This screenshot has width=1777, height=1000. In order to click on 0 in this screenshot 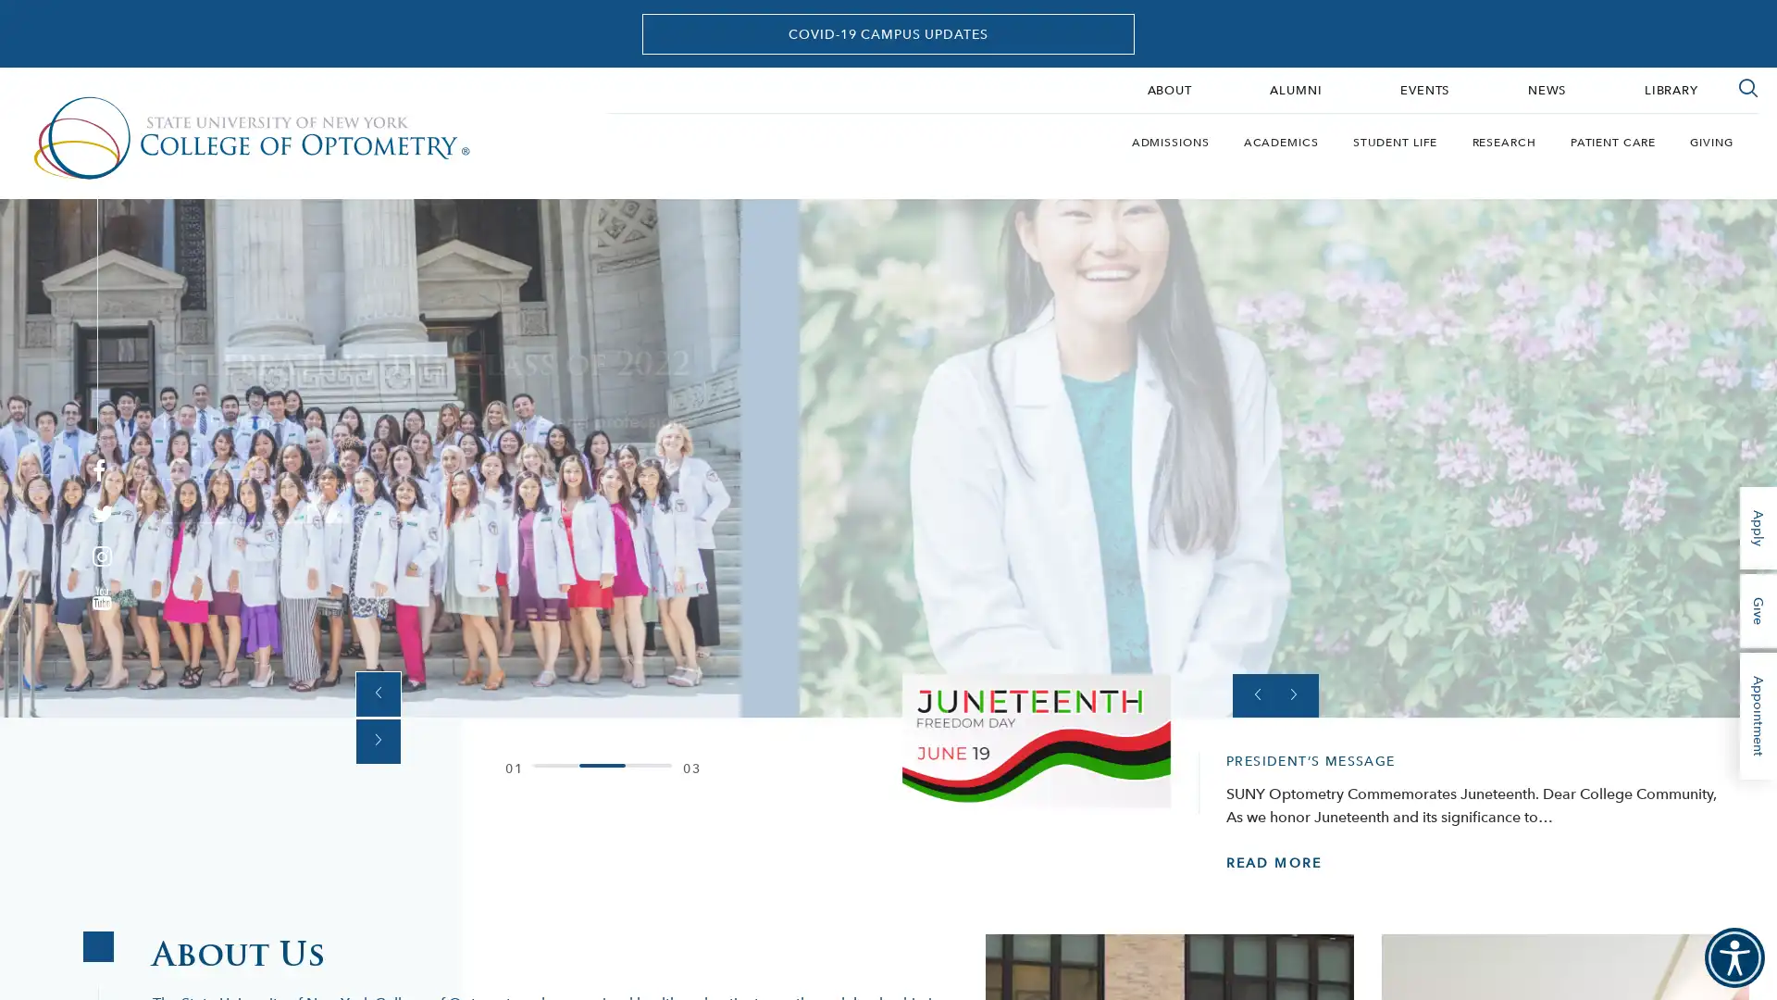, I will do `click(648, 765)`.